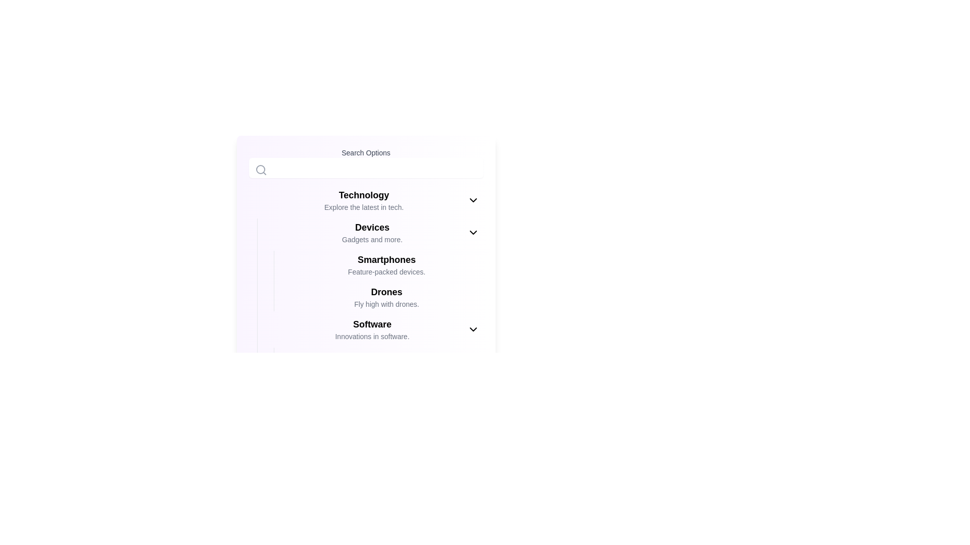 This screenshot has width=970, height=545. What do you see at coordinates (386, 297) in the screenshot?
I see `the category item for drones located beneath the 'Smartphones' section and above the 'Software' section` at bounding box center [386, 297].